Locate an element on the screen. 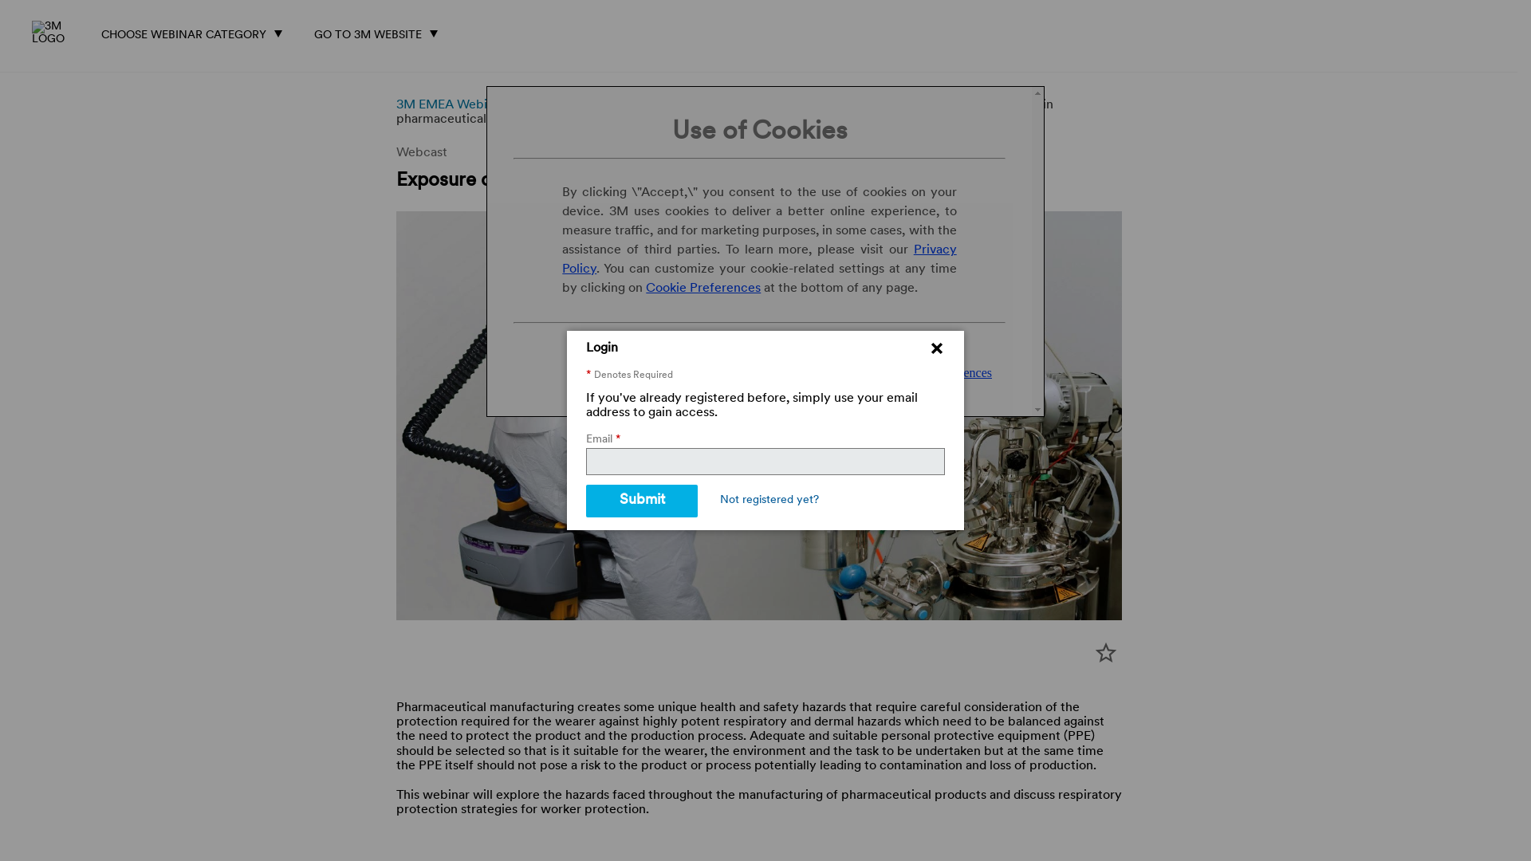 This screenshot has height=861, width=1531. 'CHOOSE WEBINAR CATEGORY' is located at coordinates (195, 32).